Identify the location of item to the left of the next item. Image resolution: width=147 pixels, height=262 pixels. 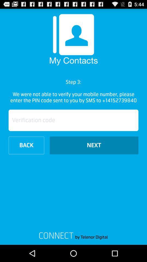
(26, 145).